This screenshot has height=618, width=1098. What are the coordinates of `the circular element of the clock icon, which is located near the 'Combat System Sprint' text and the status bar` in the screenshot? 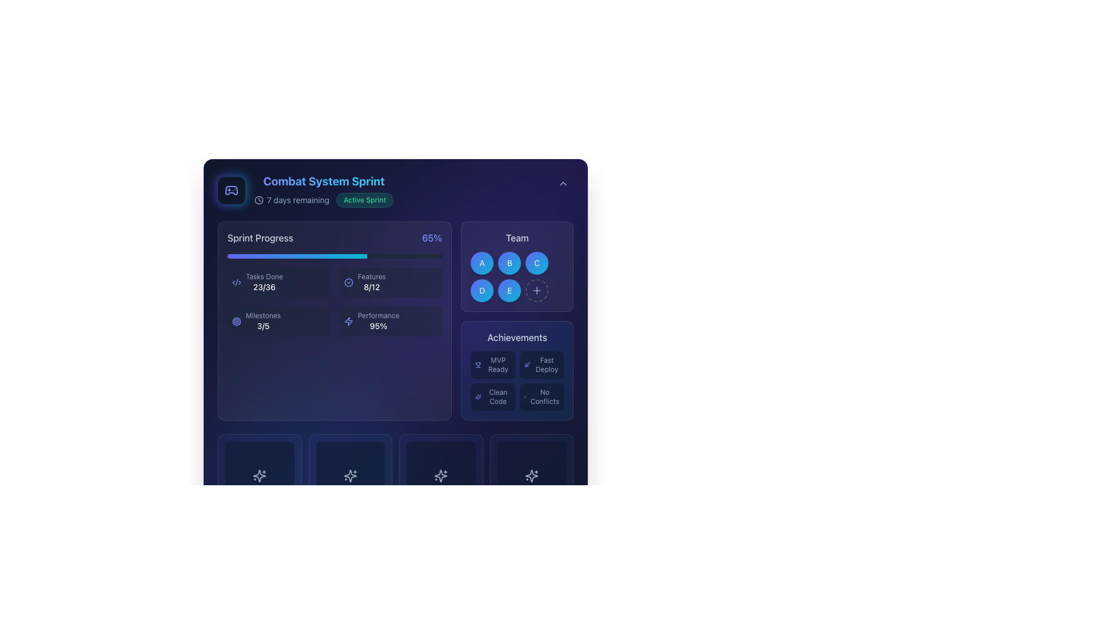 It's located at (258, 200).